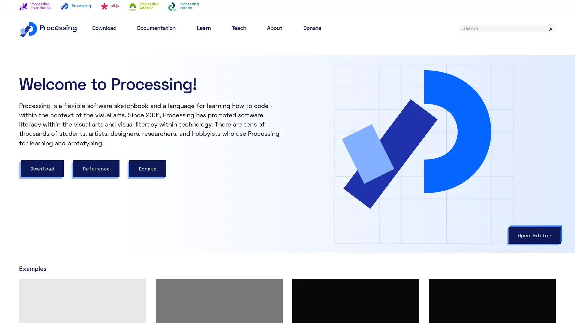 The width and height of the screenshot is (575, 323). Describe the element at coordinates (327, 198) in the screenshot. I see `change position` at that location.